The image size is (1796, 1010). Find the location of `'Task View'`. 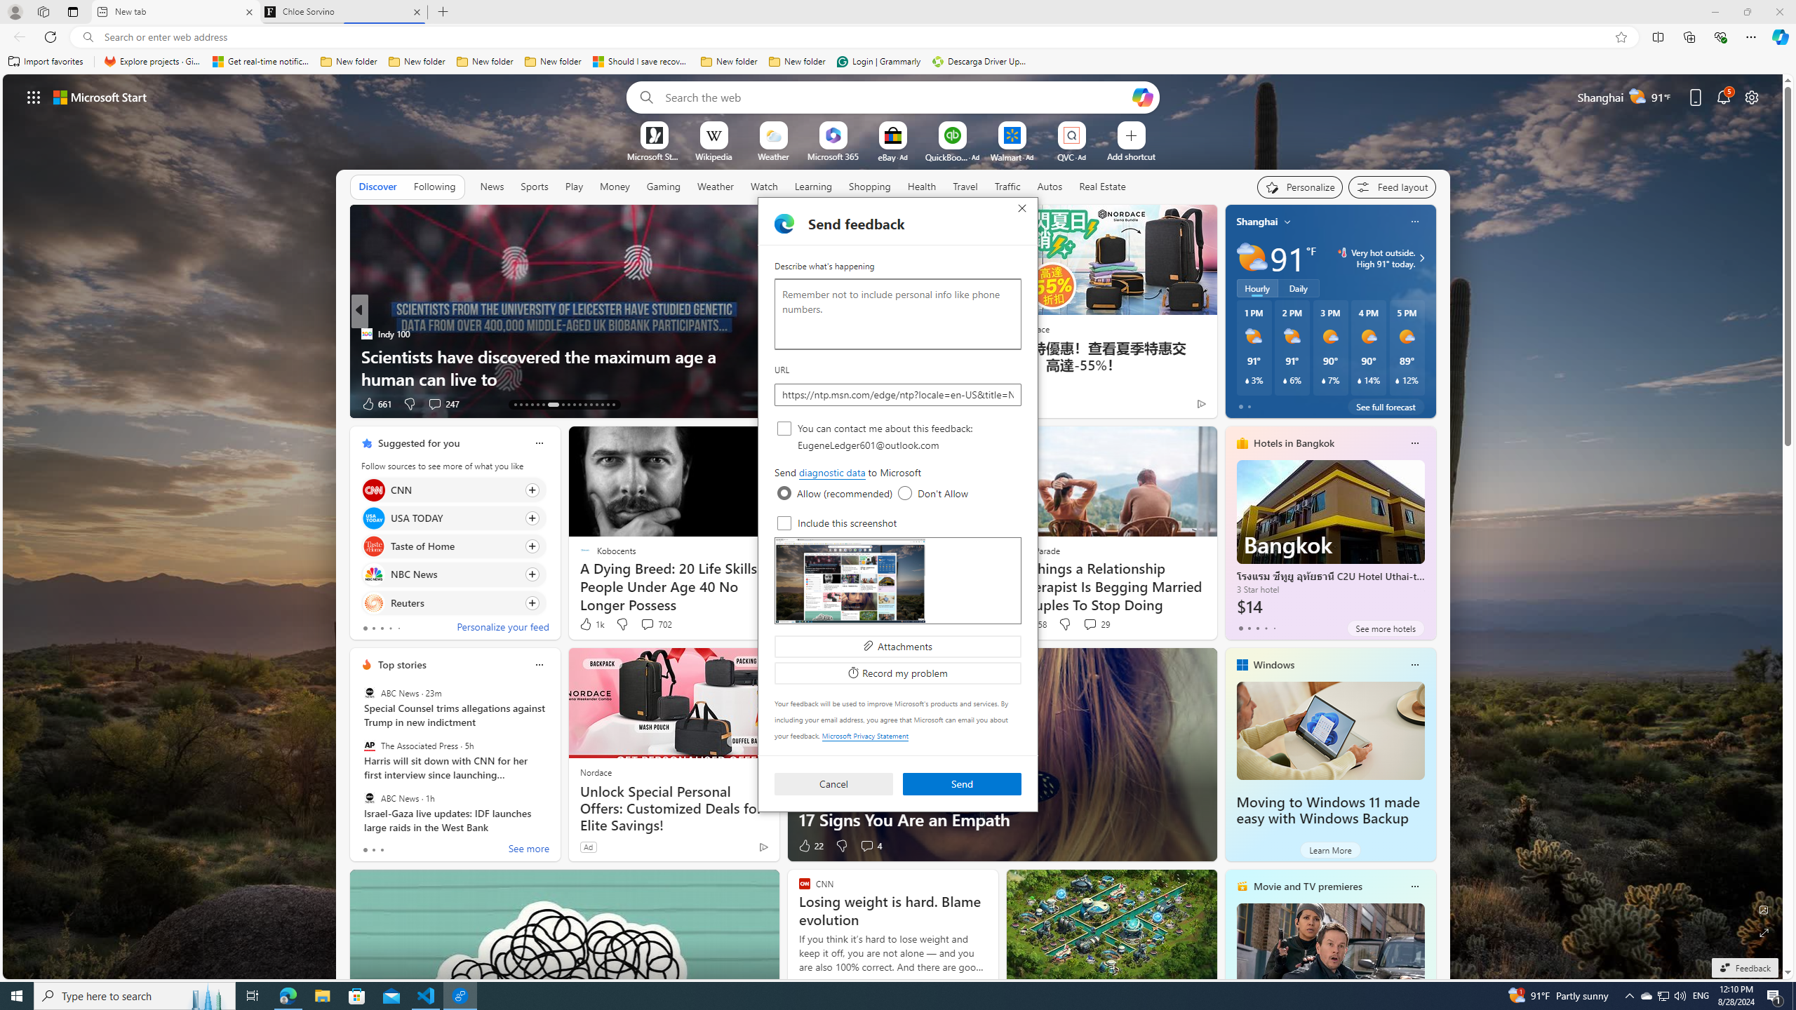

'Task View' is located at coordinates (251, 995).